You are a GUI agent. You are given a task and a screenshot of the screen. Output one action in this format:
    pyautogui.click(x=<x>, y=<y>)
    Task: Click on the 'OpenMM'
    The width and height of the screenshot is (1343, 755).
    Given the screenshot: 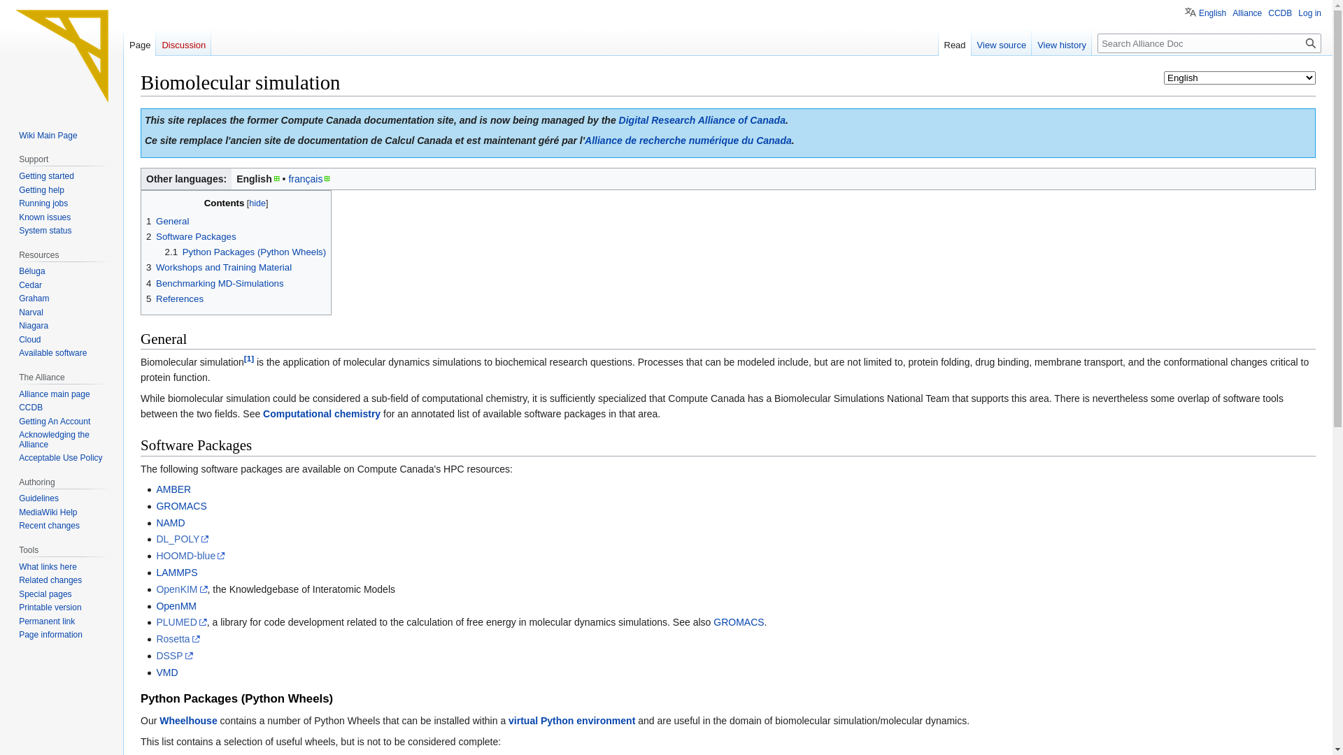 What is the action you would take?
    pyautogui.click(x=176, y=605)
    